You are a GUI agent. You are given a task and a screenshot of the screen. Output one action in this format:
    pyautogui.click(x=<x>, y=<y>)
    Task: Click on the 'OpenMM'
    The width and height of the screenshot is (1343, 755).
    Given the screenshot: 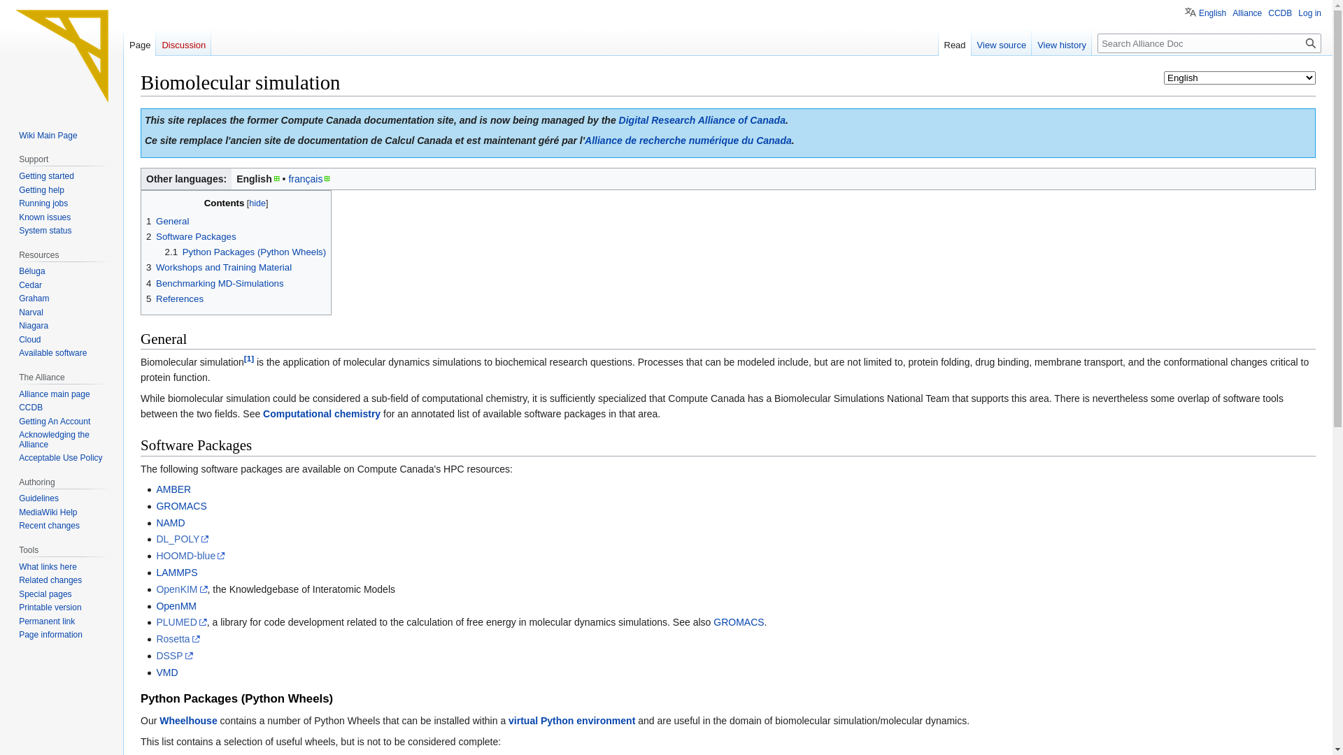 What is the action you would take?
    pyautogui.click(x=176, y=605)
    